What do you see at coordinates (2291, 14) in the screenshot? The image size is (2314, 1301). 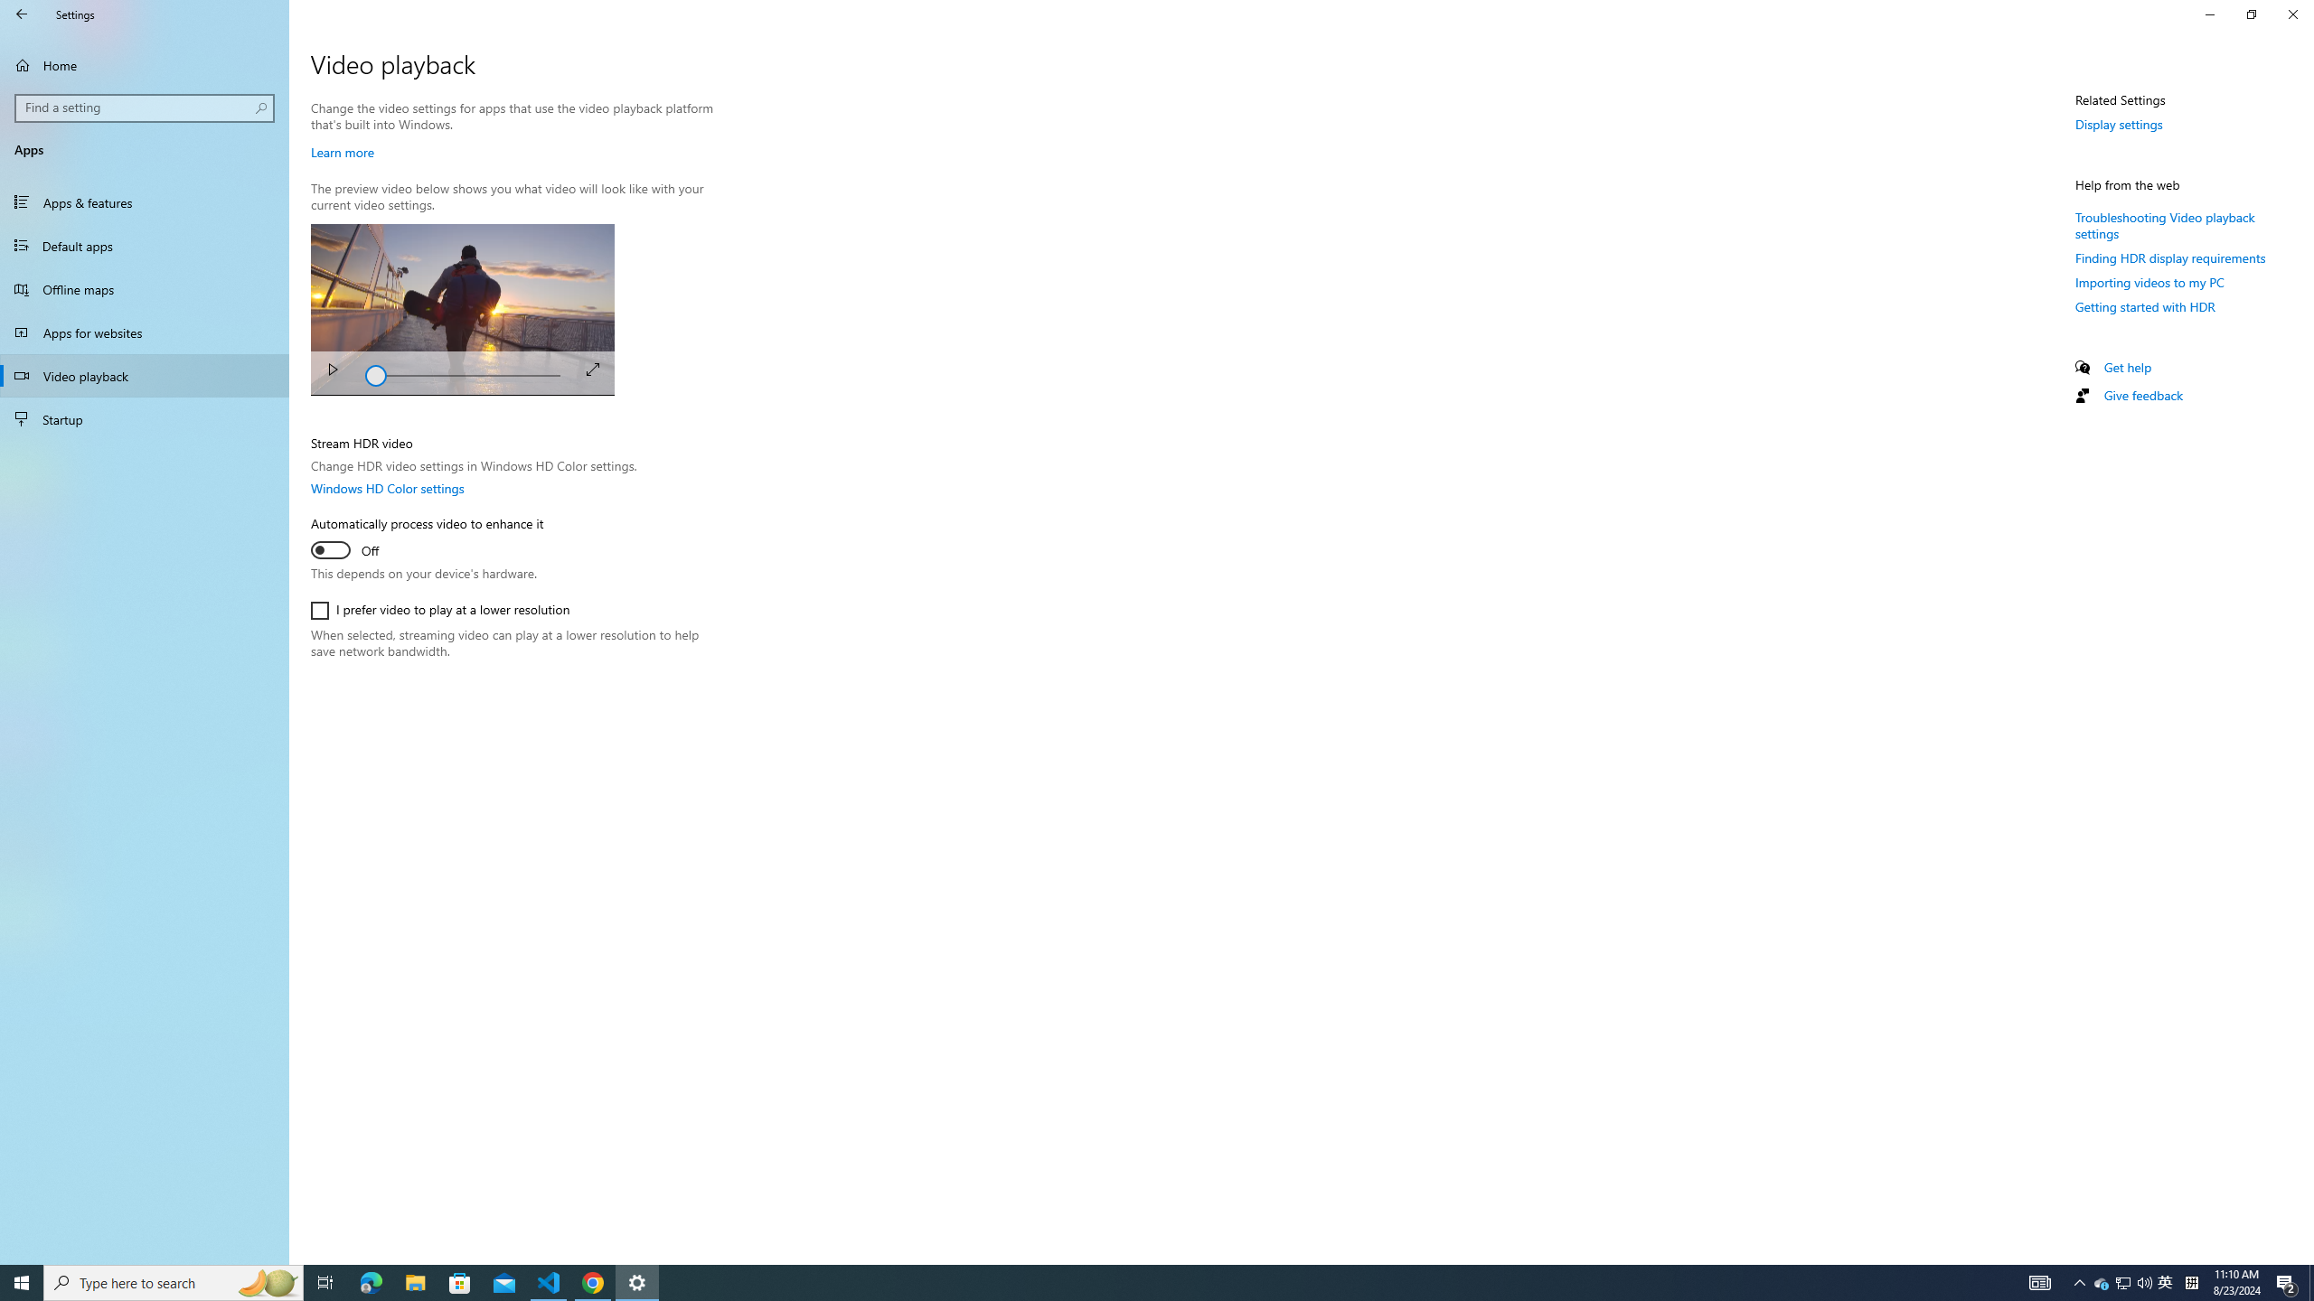 I see `'Close Settings'` at bounding box center [2291, 14].